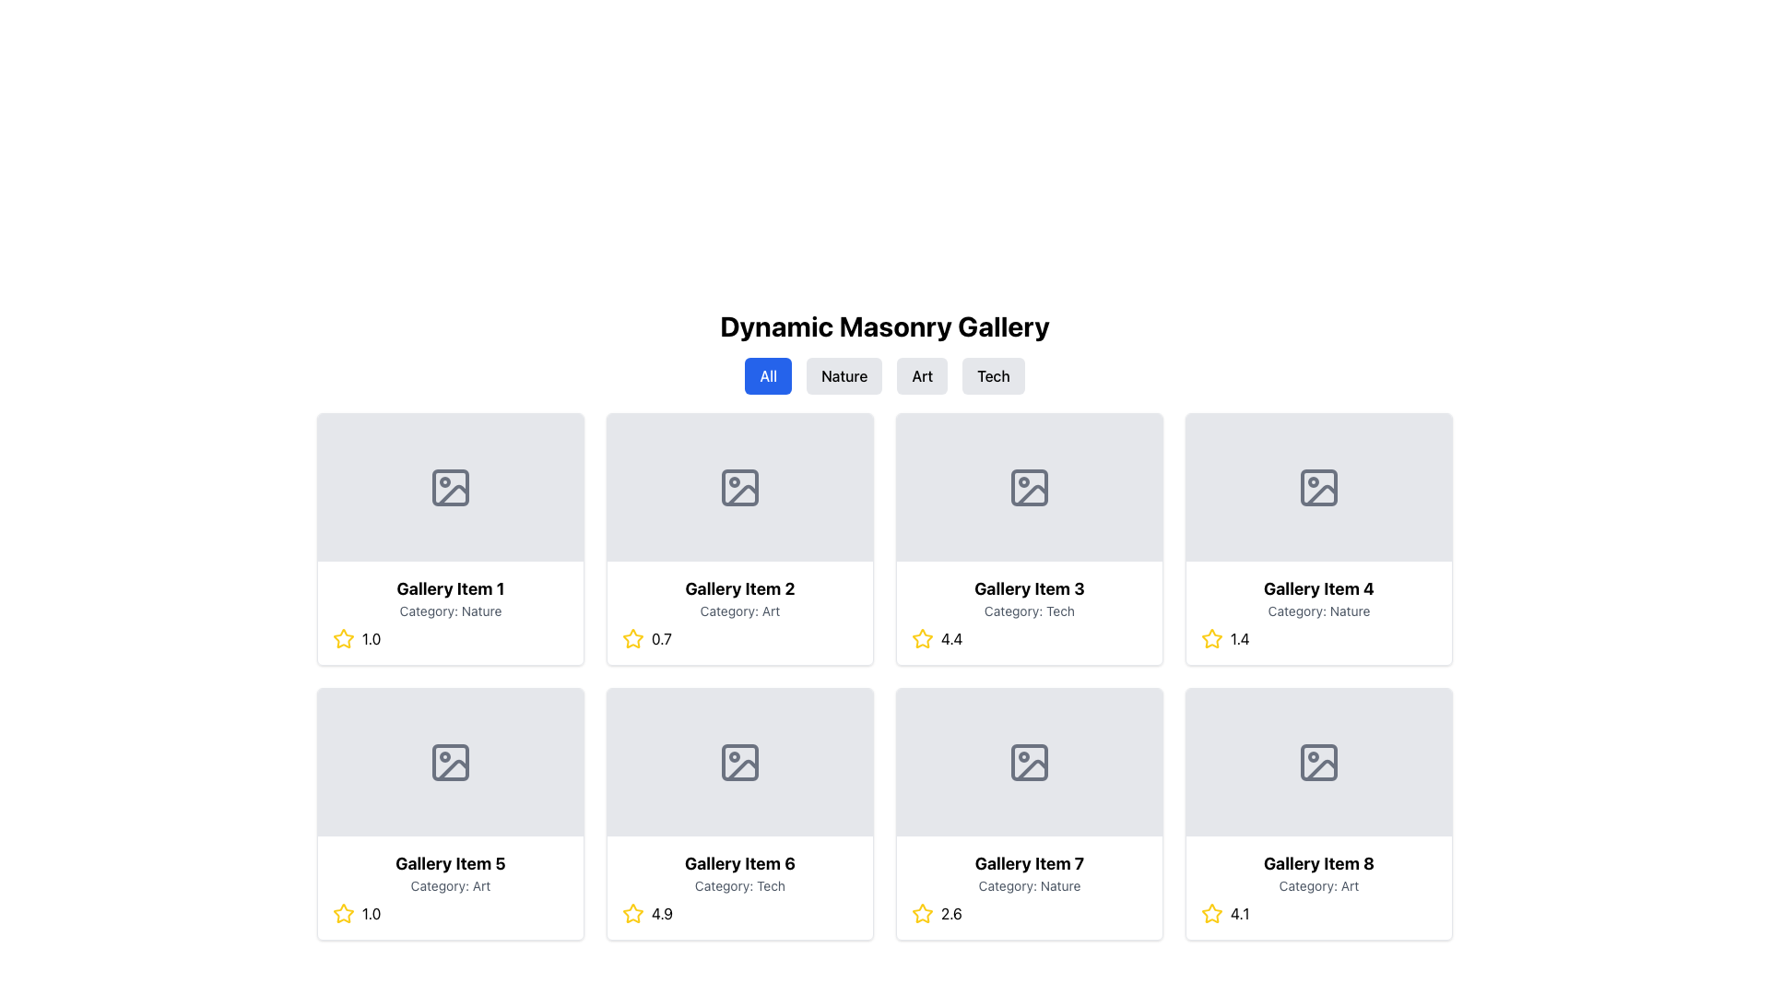  I want to click on the yellow star icon representing a rating, located in the bottom-left corner of 'Gallery Item 5', next to the rating value '1.0', so click(344, 637).